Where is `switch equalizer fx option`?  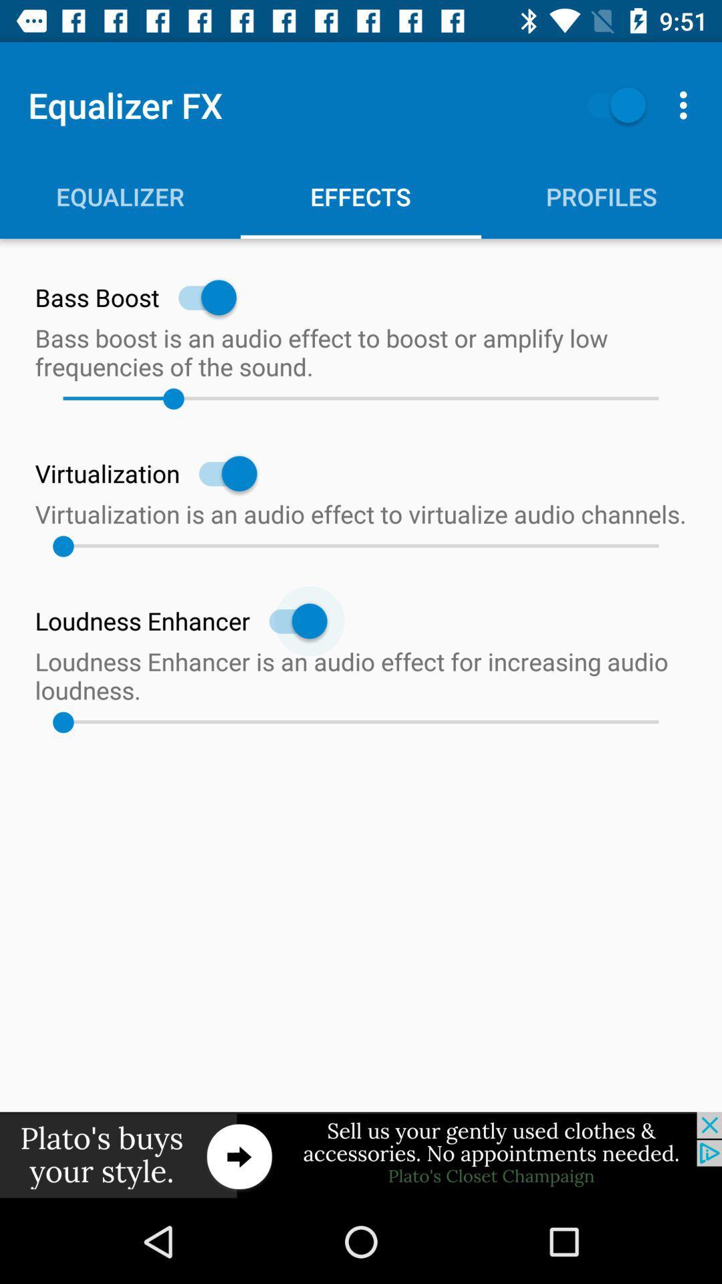
switch equalizer fx option is located at coordinates (610, 104).